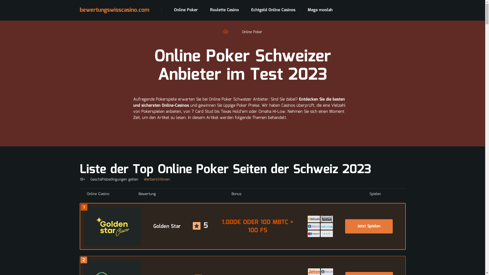 Image resolution: width=489 pixels, height=275 pixels. Describe the element at coordinates (185, 10) in the screenshot. I see `'Online Poker'` at that location.